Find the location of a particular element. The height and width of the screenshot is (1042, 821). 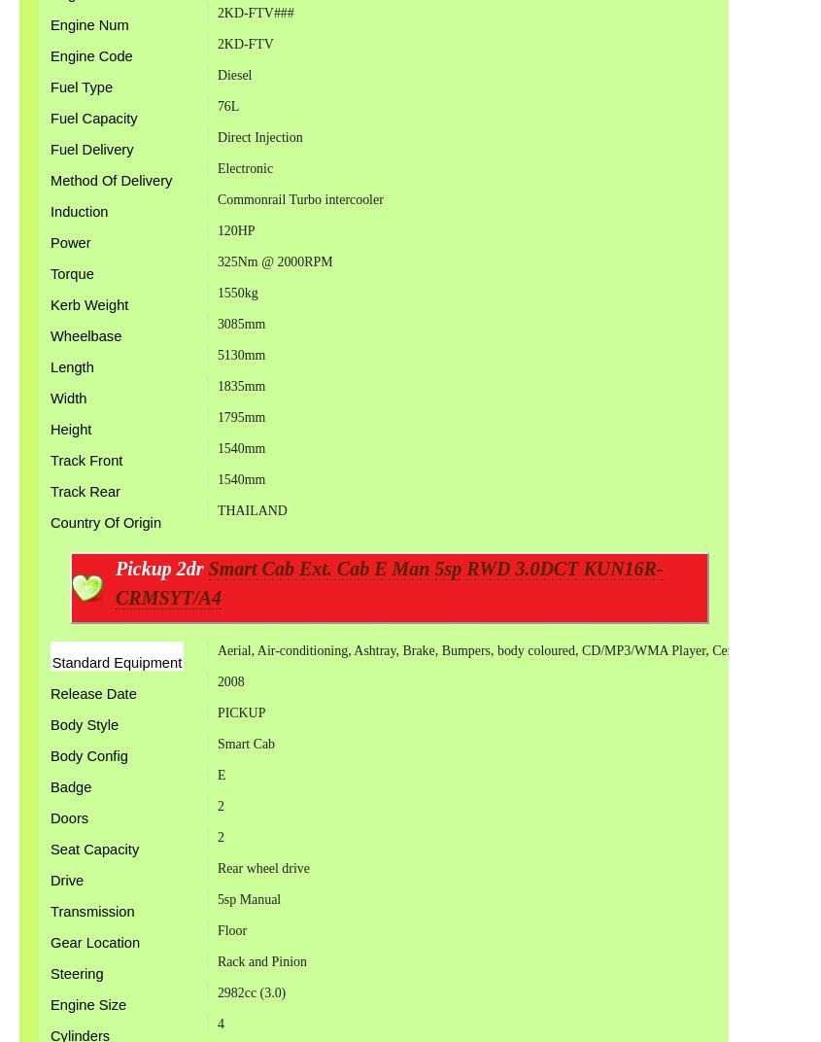

'Smart Cab Ext. Cab E Man 5sp RWD 3.0DCT KUN16R-CRMSYT/A4' is located at coordinates (388, 581).